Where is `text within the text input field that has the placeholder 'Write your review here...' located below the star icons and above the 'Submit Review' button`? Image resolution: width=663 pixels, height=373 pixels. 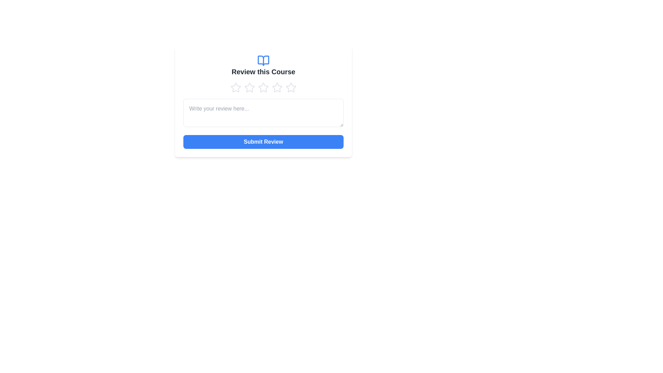 text within the text input field that has the placeholder 'Write your review here...' located below the star icons and above the 'Submit Review' button is located at coordinates (263, 101).